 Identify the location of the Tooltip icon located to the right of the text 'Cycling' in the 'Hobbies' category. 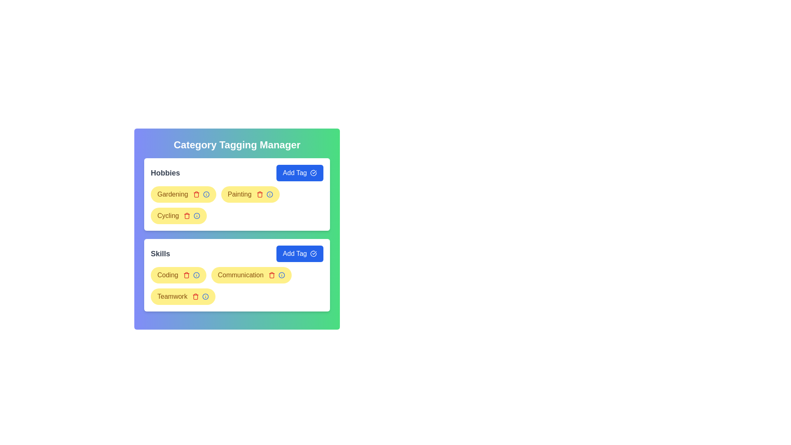
(197, 215).